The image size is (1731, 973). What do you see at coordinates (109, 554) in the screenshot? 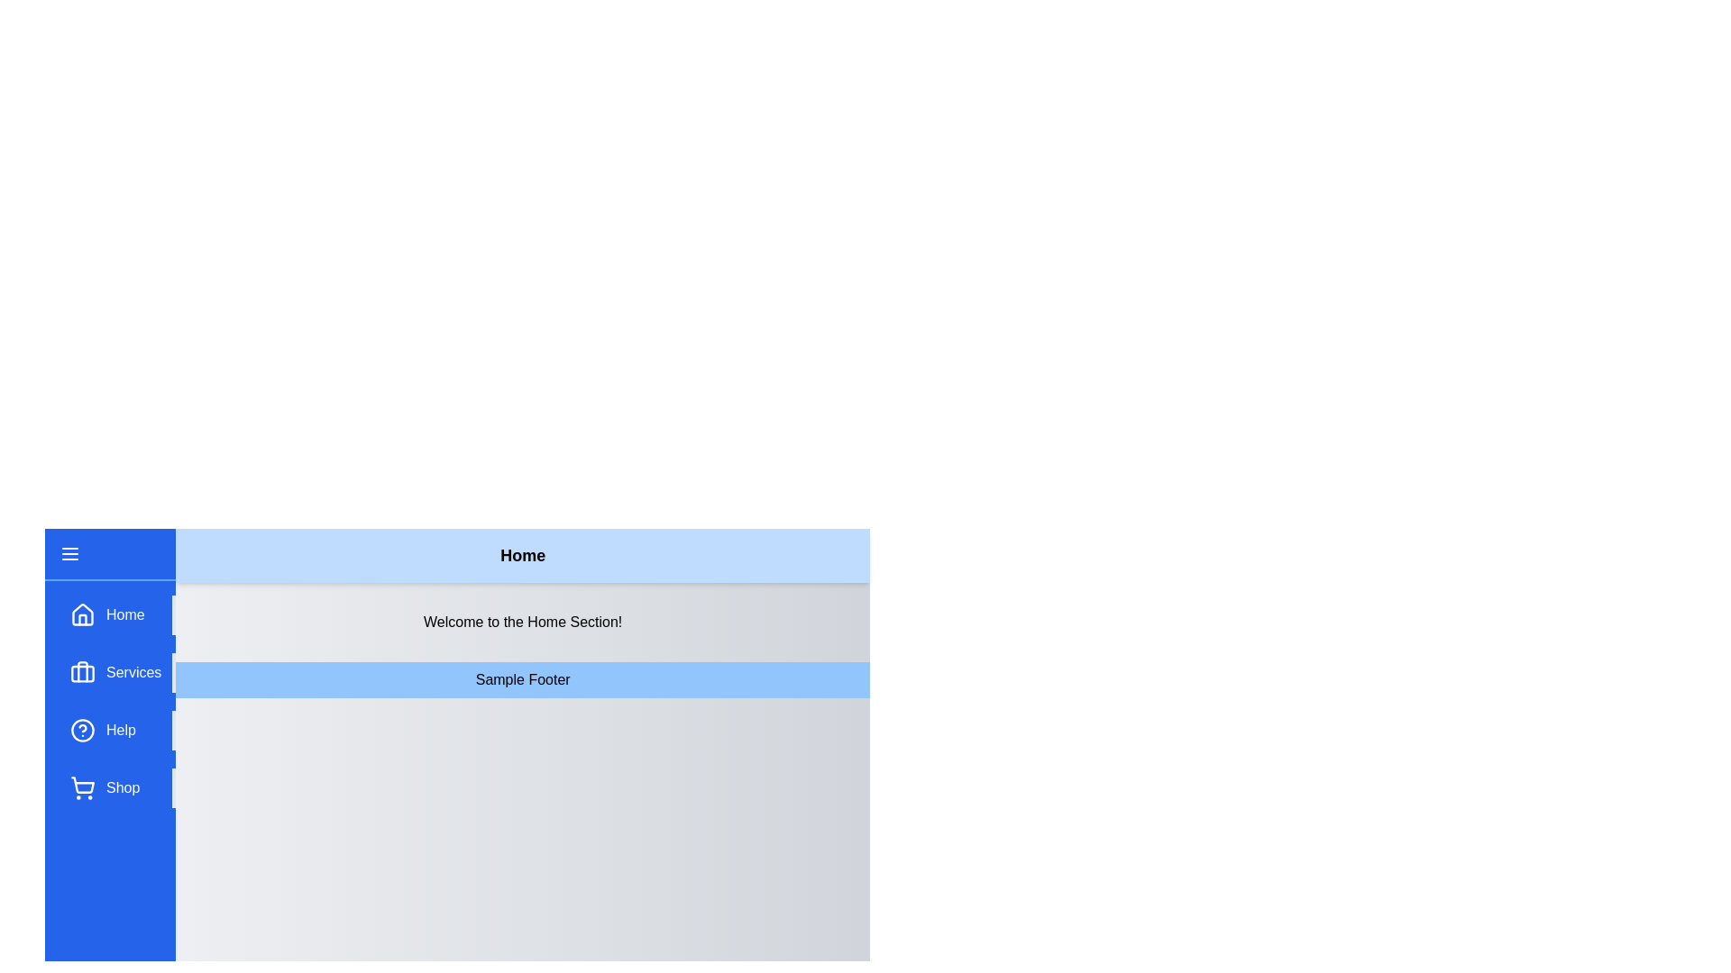
I see `the sidebar toggle button located at the top of the vertical sidebar menu on the left` at bounding box center [109, 554].